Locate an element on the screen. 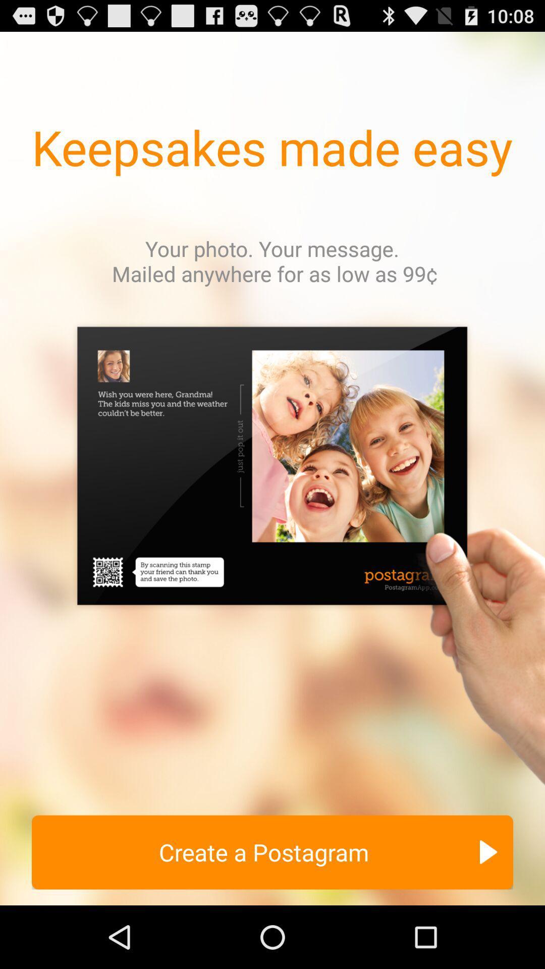 The height and width of the screenshot is (969, 545). postagram icon is located at coordinates (272, 559).